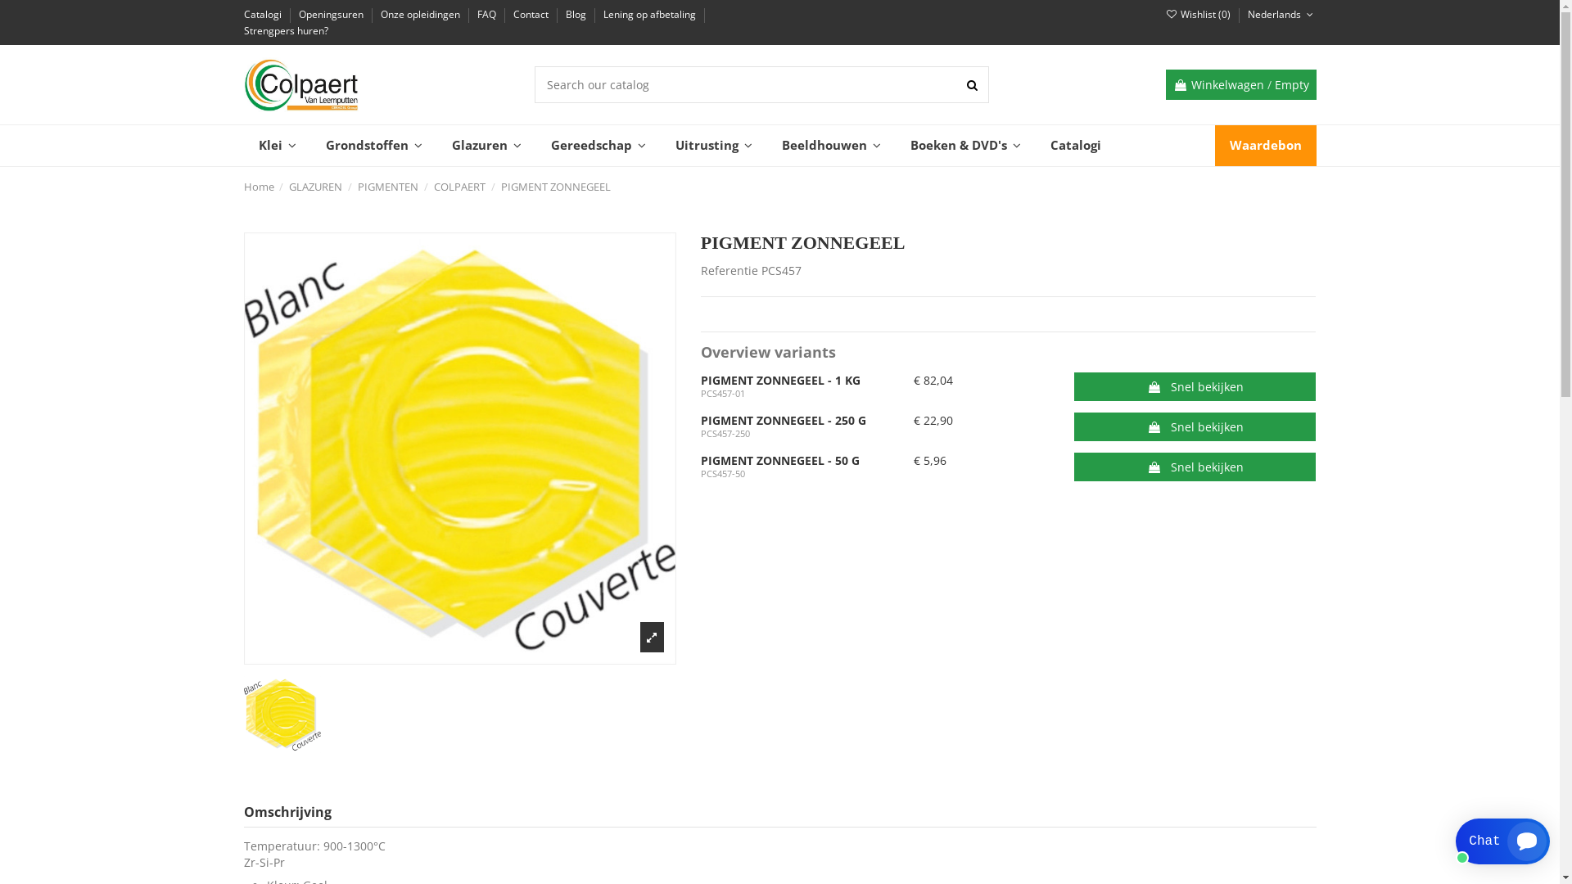 The image size is (1572, 884). Describe the element at coordinates (486, 144) in the screenshot. I see `'Glazuren'` at that location.